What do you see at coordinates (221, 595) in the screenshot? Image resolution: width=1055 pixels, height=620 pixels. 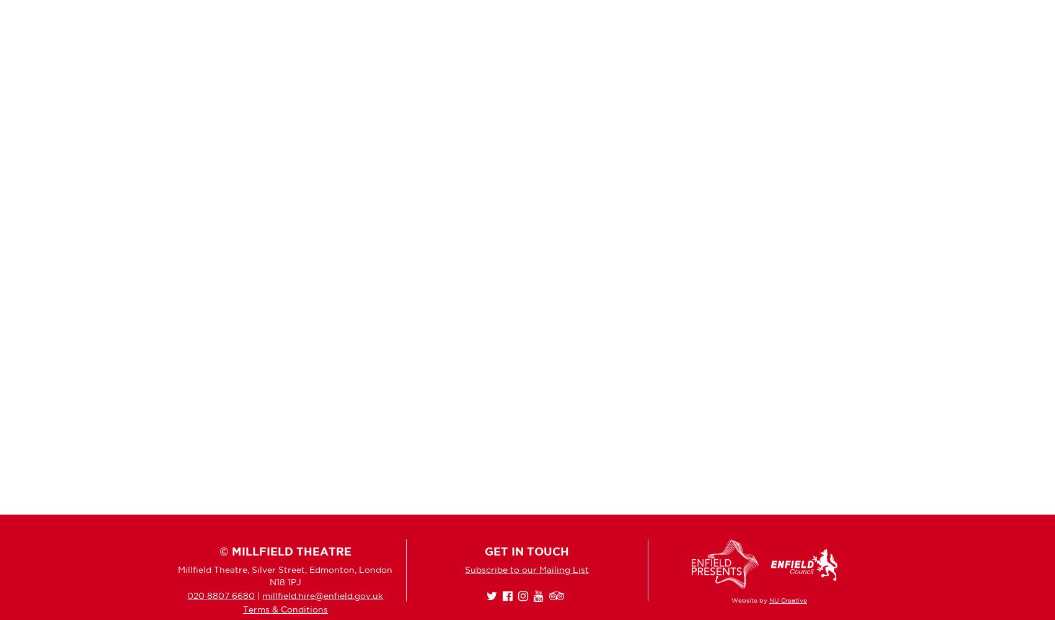 I see `'020 8807 6680'` at bounding box center [221, 595].